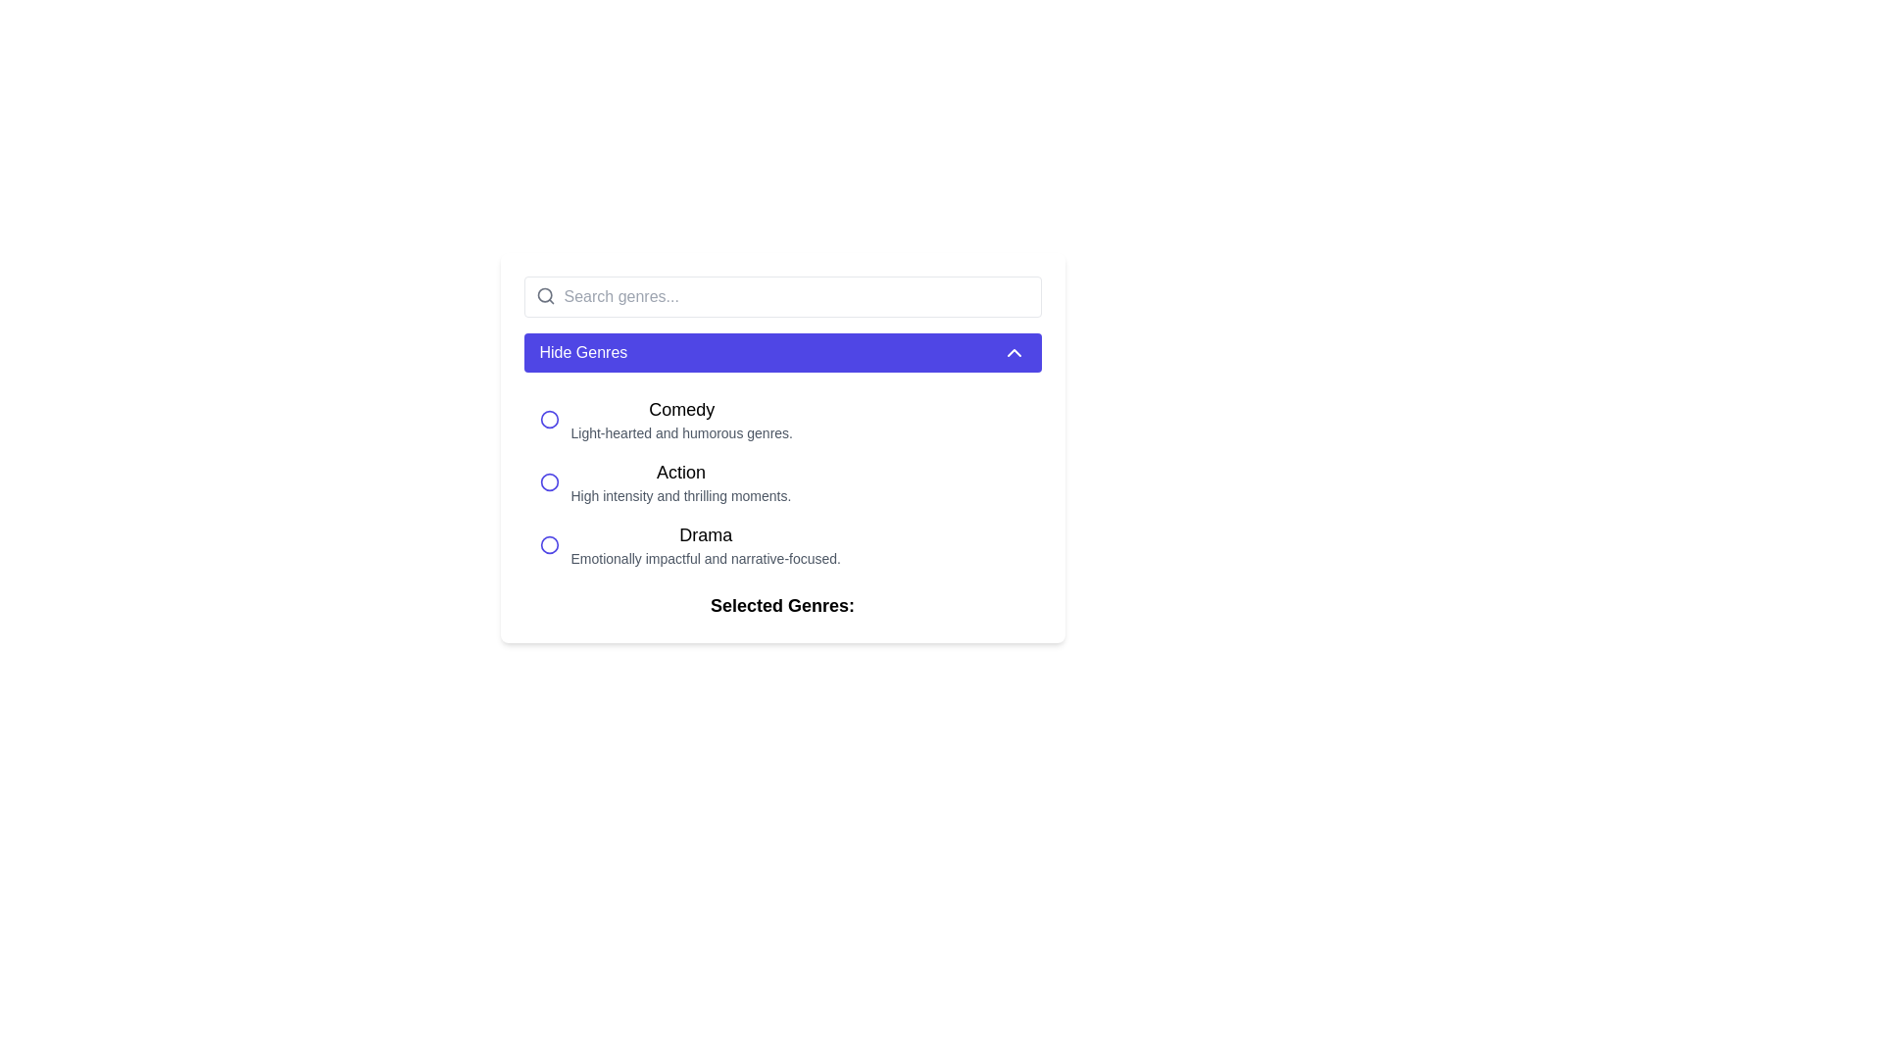  I want to click on text label that reads 'Drama', which is styled with a larger font size and bold type, located under the section titled 'Hide Genres' as the third genre in the list, so click(706, 535).